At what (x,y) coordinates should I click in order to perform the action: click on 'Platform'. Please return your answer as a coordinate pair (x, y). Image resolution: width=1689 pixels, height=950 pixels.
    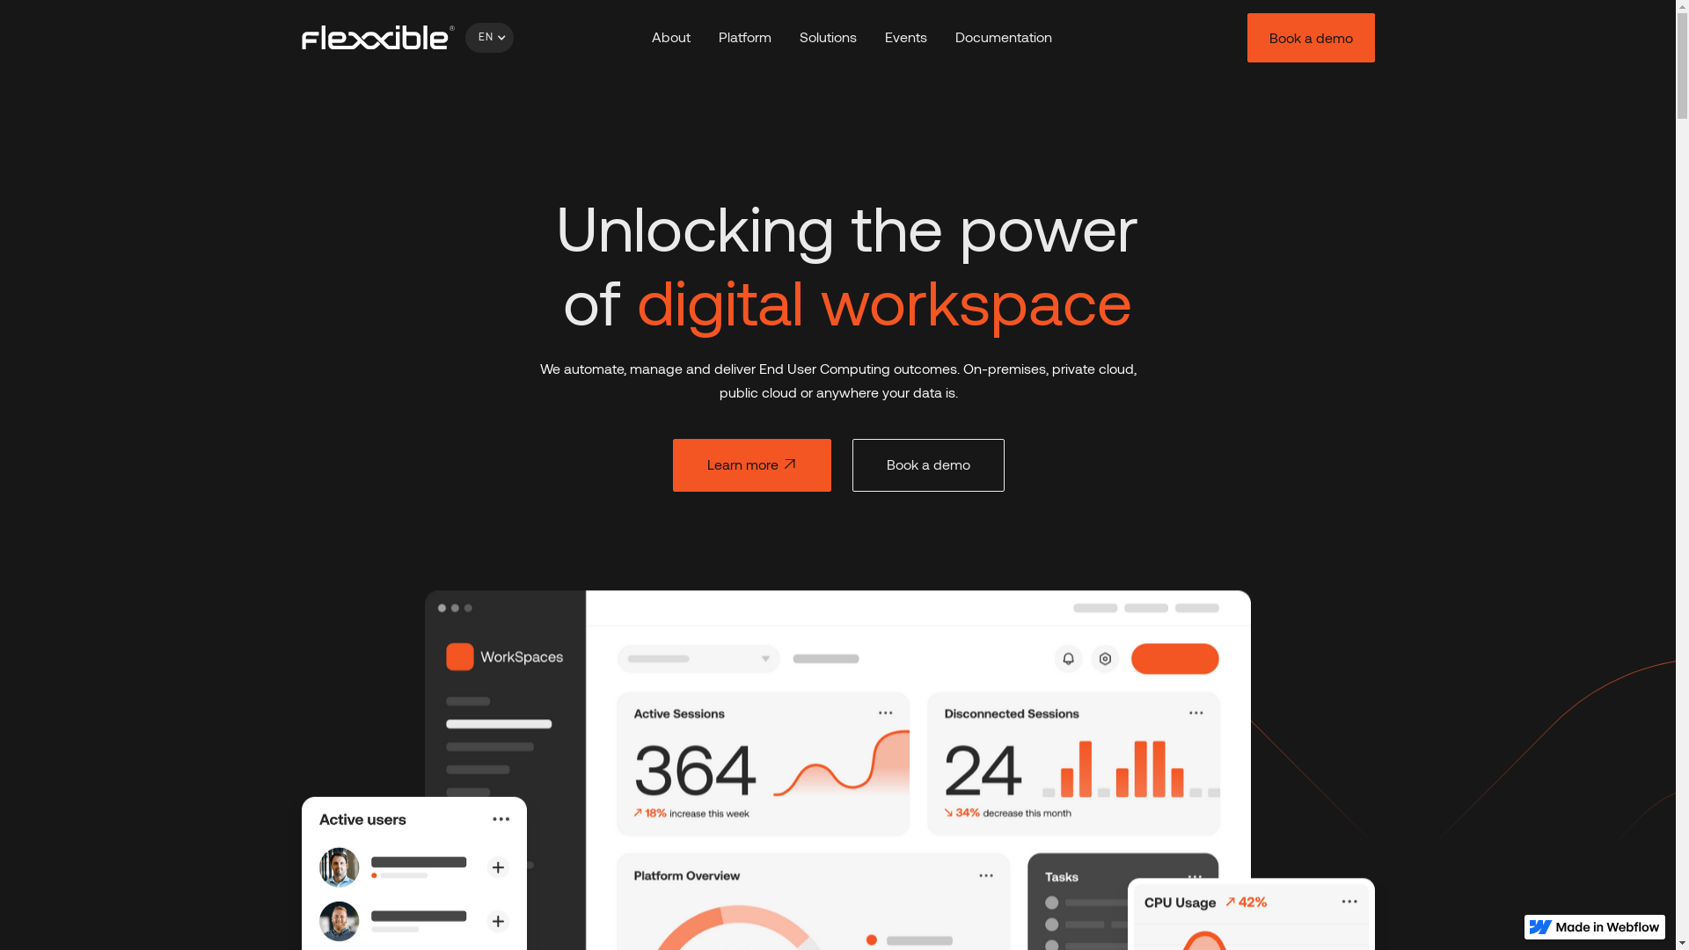
    Looking at the image, I should click on (744, 37).